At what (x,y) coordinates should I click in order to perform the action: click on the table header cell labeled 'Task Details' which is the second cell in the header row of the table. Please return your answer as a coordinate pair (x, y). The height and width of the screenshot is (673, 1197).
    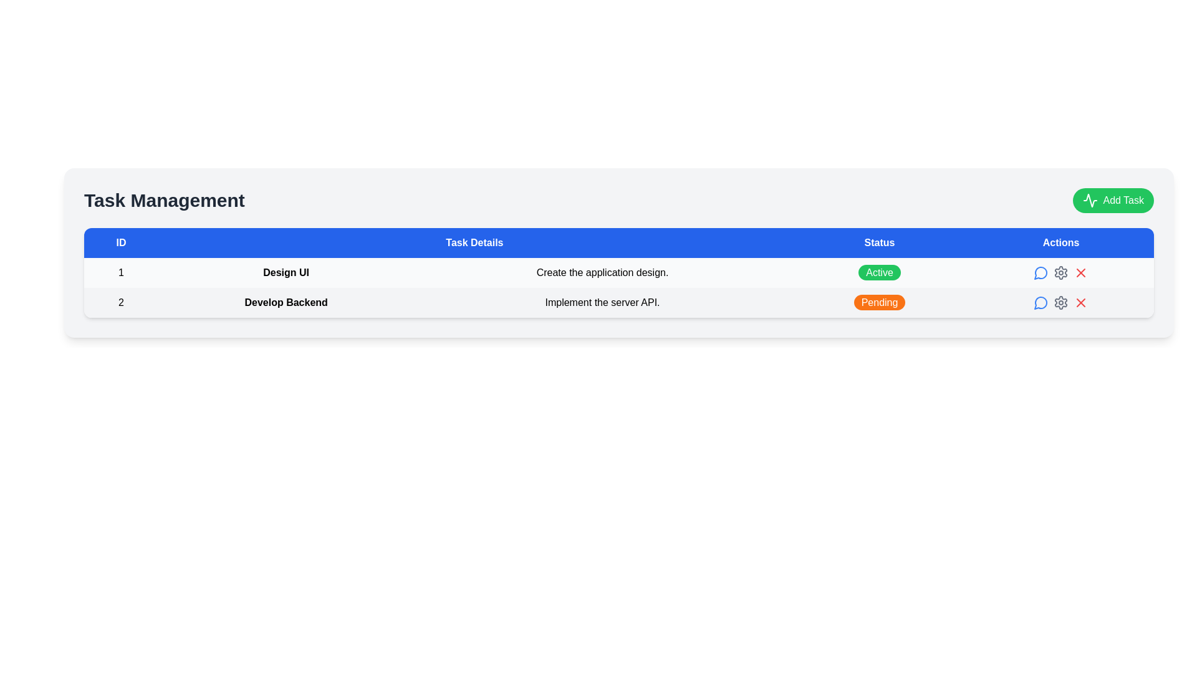
    Looking at the image, I should click on (474, 242).